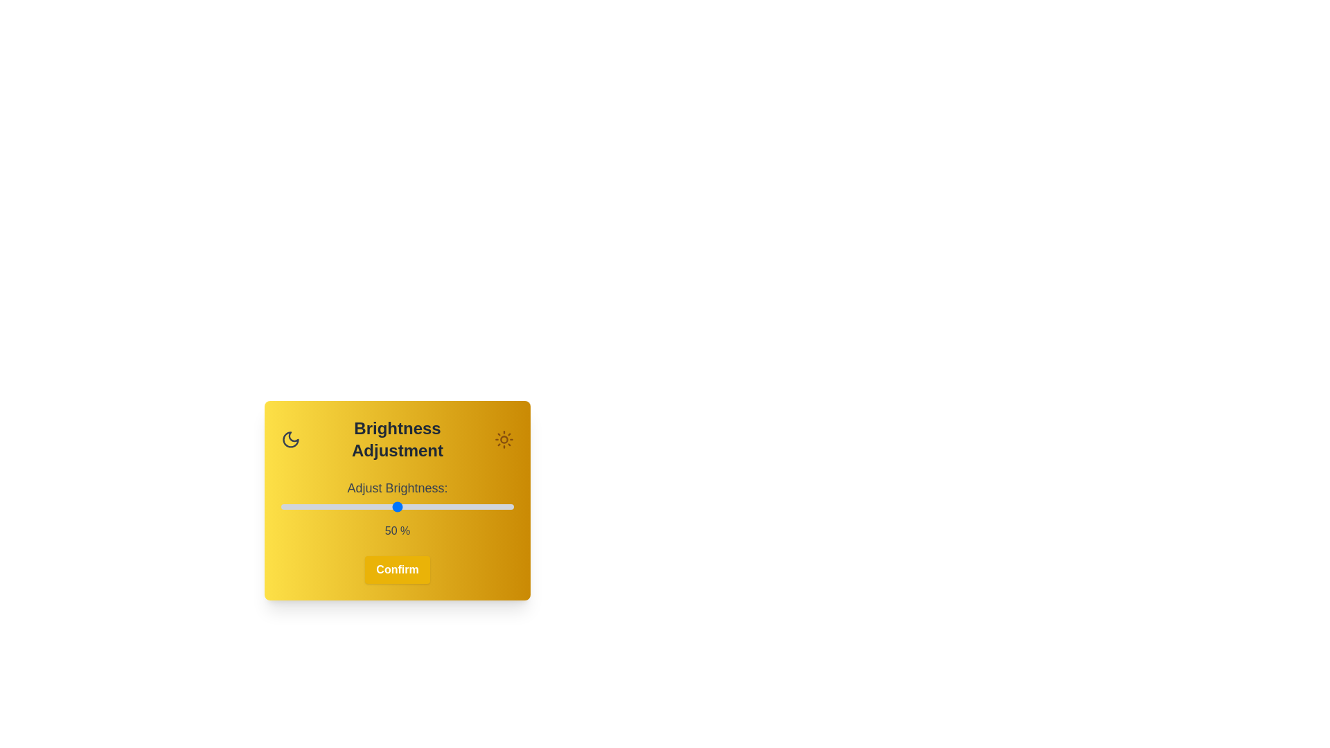 This screenshot has width=1330, height=748. I want to click on the 'Confirm' button, so click(397, 569).